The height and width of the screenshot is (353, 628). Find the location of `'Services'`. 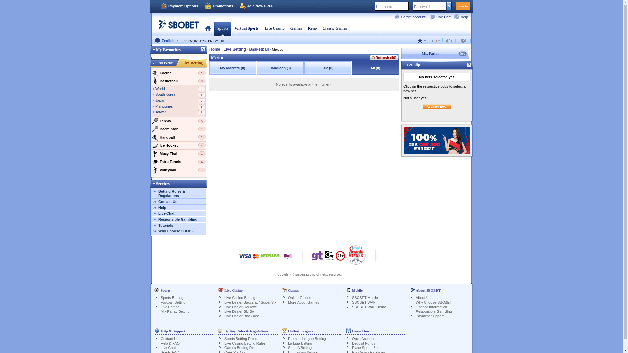

'Services' is located at coordinates (160, 184).